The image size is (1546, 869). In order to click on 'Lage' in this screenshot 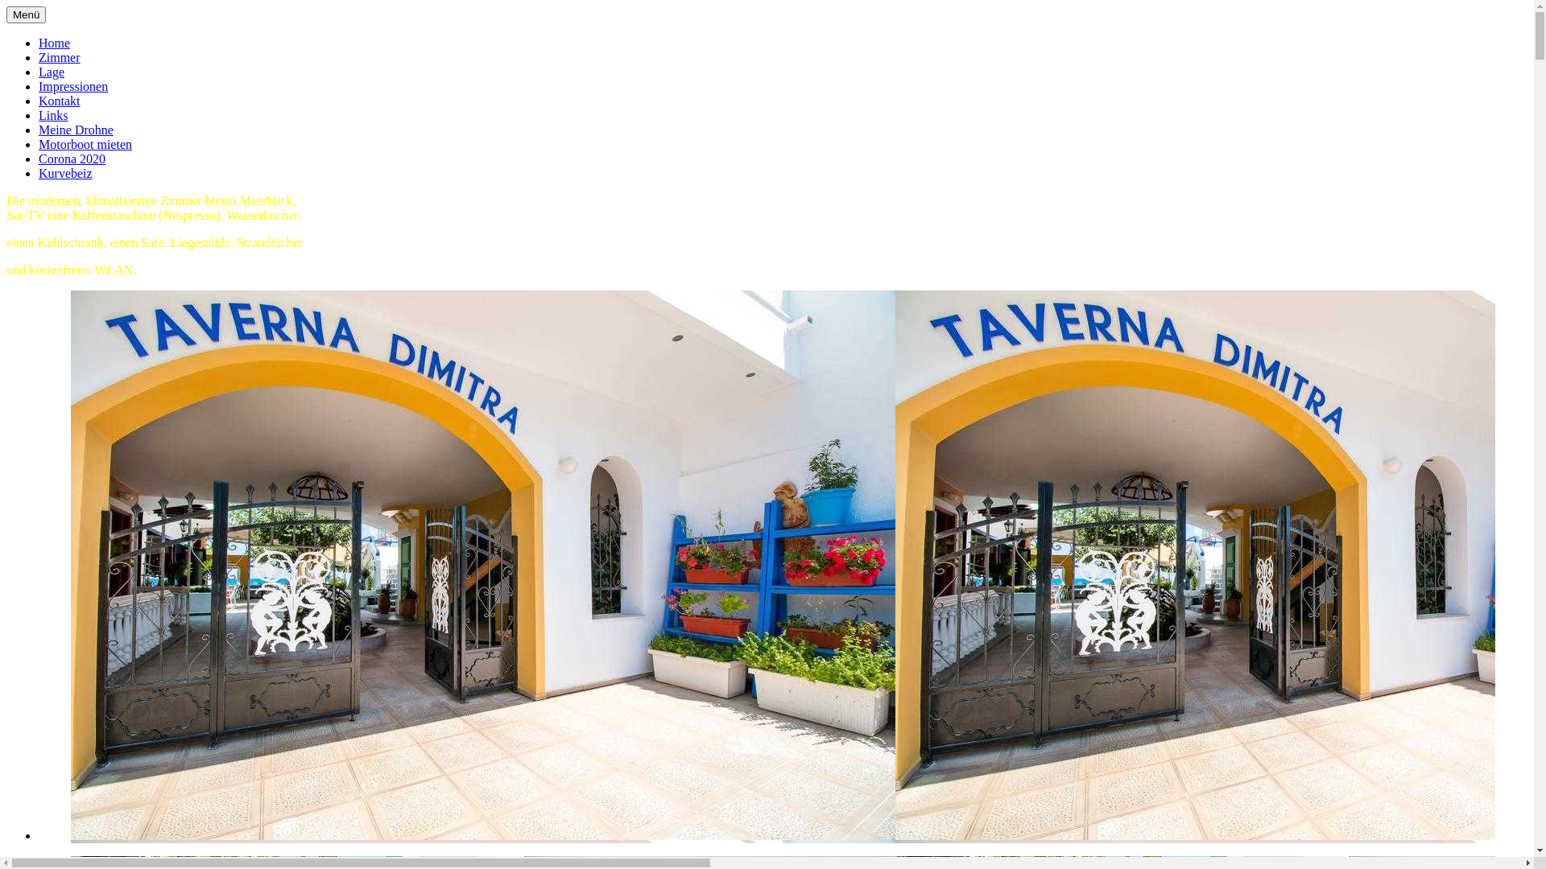, I will do `click(51, 71)`.